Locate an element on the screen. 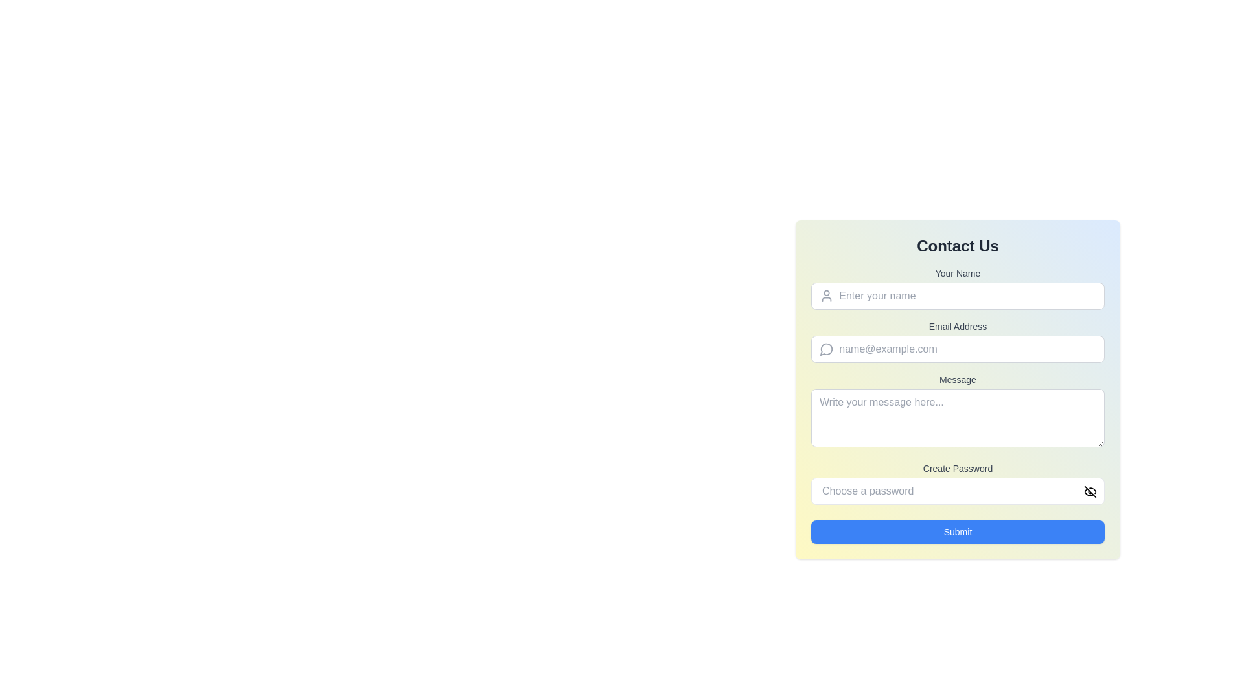 The height and width of the screenshot is (700, 1244). the 'Create Password' static text label, which is styled in gray and aligned to the left, located beneath the 'Message' input field in the form is located at coordinates (958, 468).